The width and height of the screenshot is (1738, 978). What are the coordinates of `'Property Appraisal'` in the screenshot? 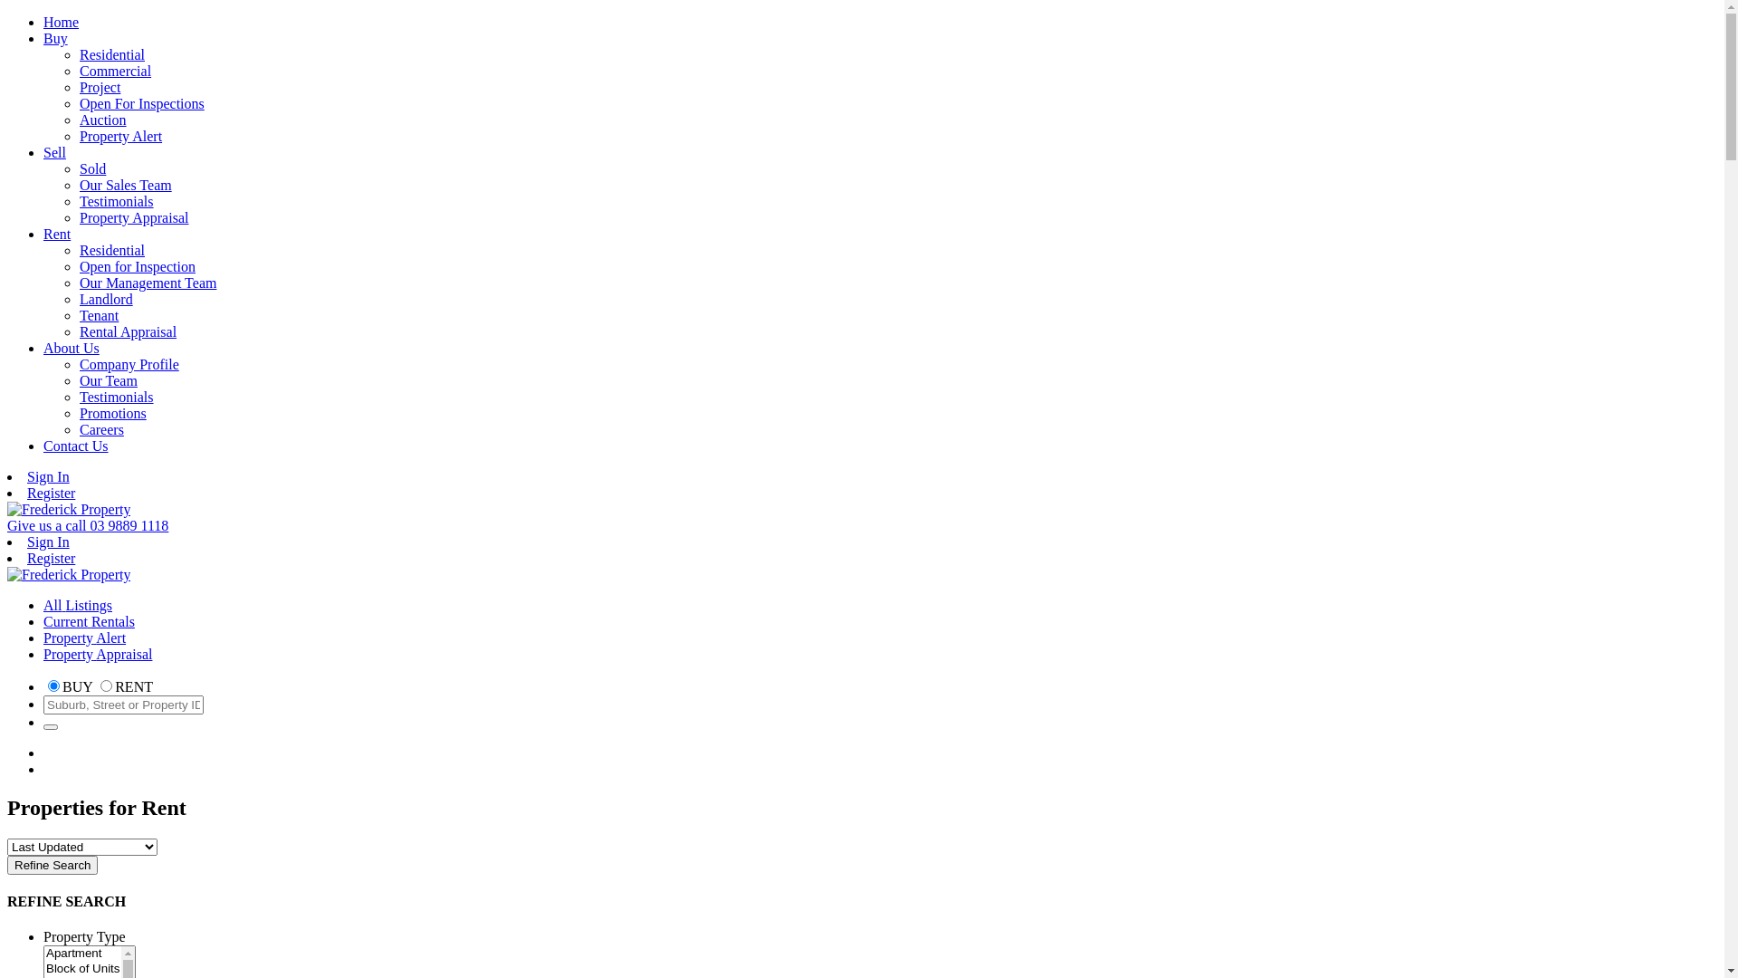 It's located at (133, 216).